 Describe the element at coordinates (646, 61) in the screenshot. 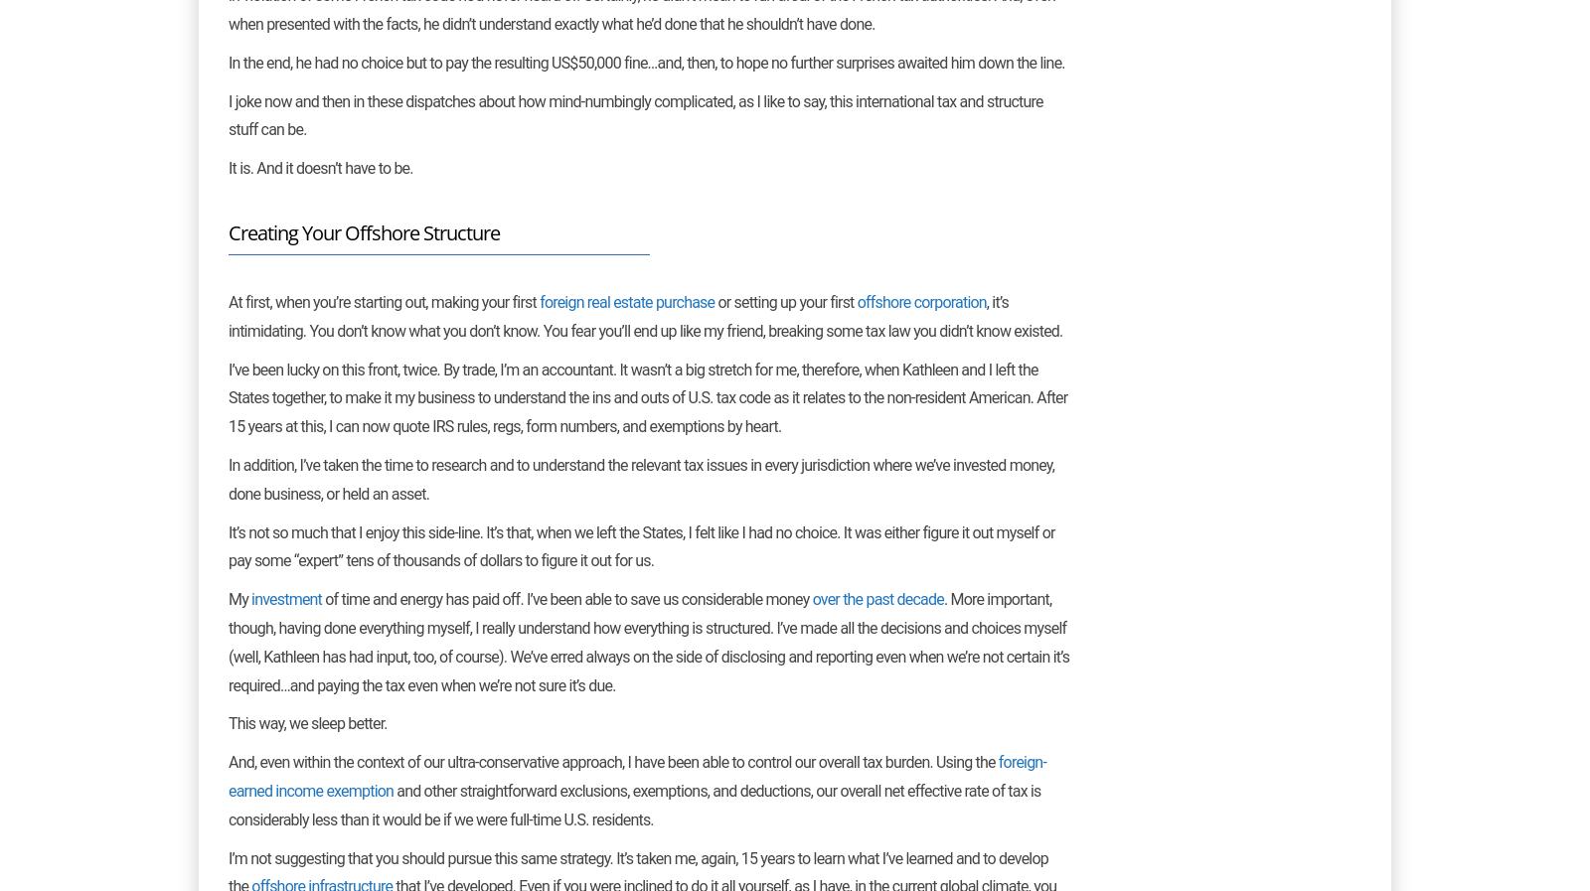

I see `'In the end, he had no choice but to pay the resulting US$50,000 fine…and, then, to hope no further surprises awaited him down the line.'` at that location.